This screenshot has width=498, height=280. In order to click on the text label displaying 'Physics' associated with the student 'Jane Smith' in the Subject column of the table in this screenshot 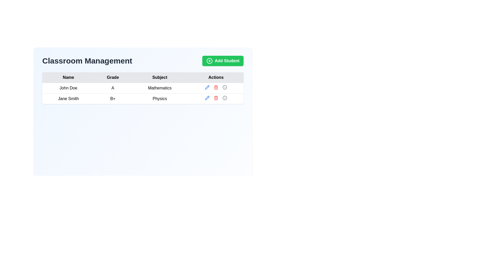, I will do `click(160, 99)`.